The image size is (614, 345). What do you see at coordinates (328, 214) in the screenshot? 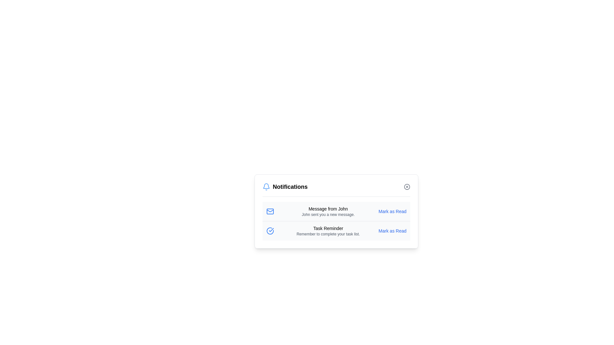
I see `descriptive text indicating that John has sent a new message, located in the notification card under the title 'Message from John'` at bounding box center [328, 214].